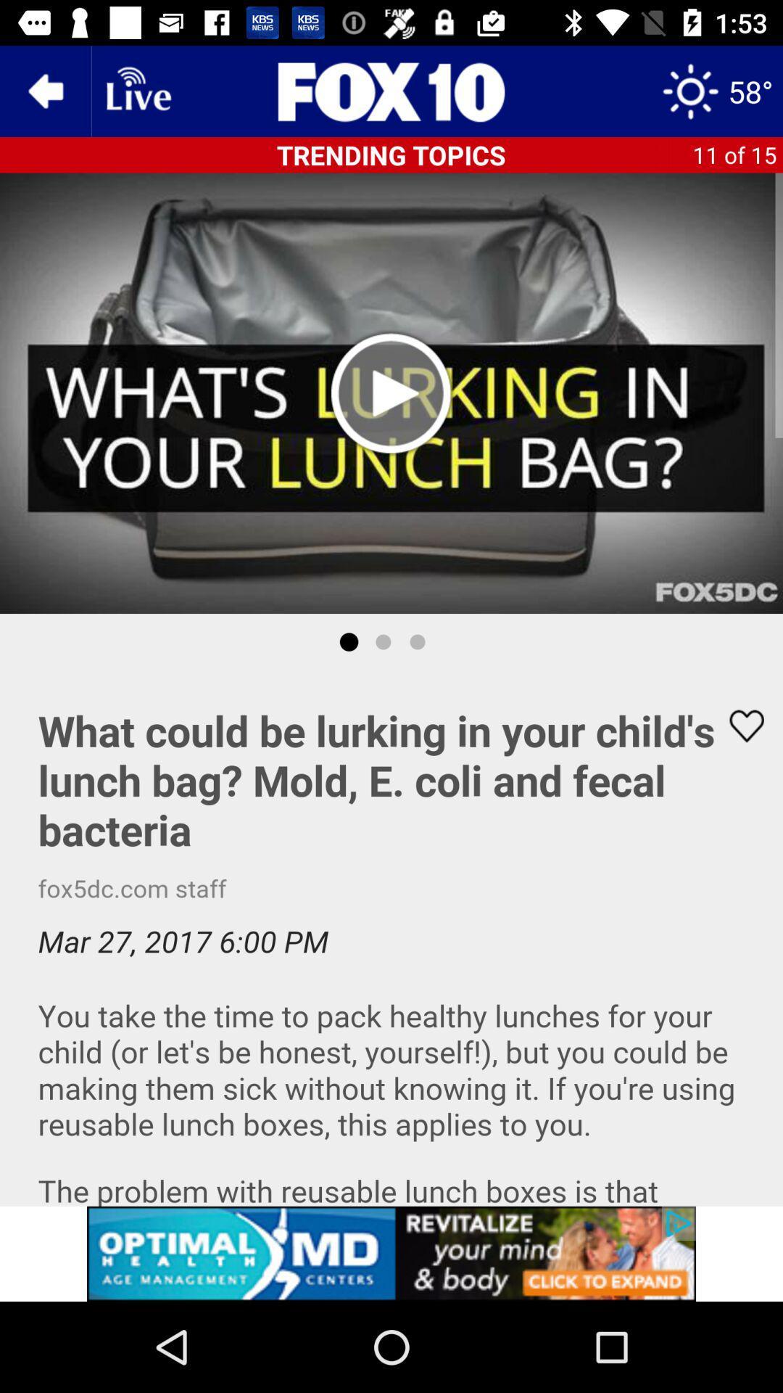 The image size is (783, 1393). I want to click on like this article, so click(391, 938).